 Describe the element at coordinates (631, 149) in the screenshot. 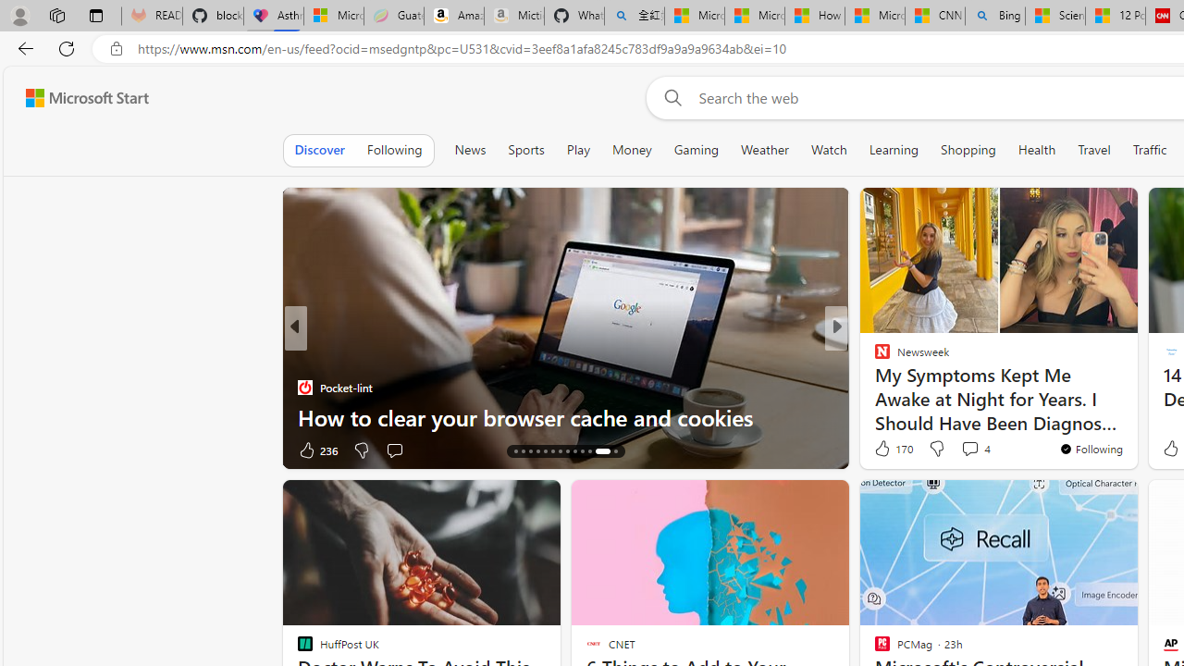

I see `'Money'` at that location.